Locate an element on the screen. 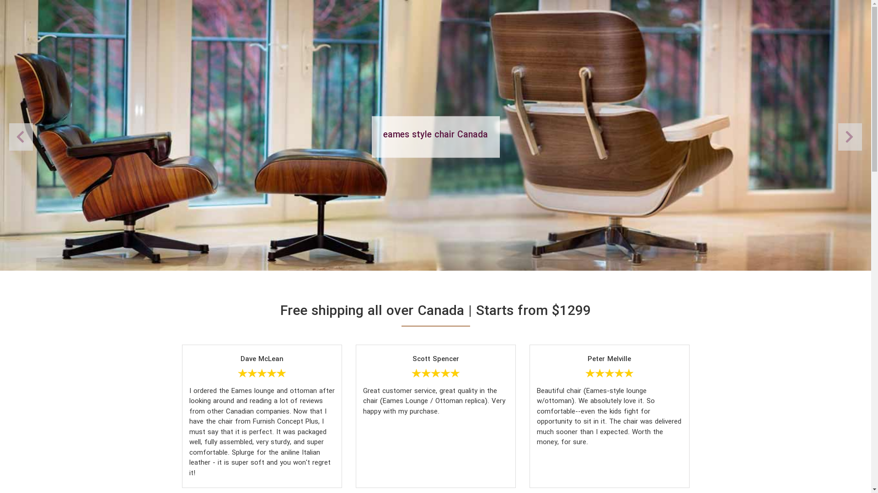 Image resolution: width=878 pixels, height=493 pixels. 'Next' is located at coordinates (21, 137).